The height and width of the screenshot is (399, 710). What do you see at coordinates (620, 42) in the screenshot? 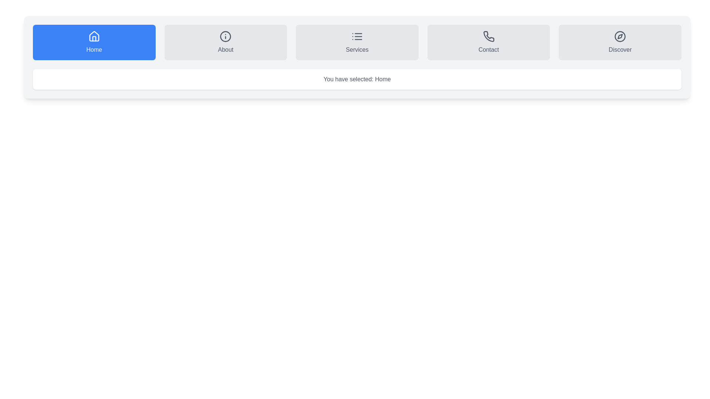
I see `the 'Discover' navigation button, which is the last item in a horizontal row of menu buttons` at bounding box center [620, 42].